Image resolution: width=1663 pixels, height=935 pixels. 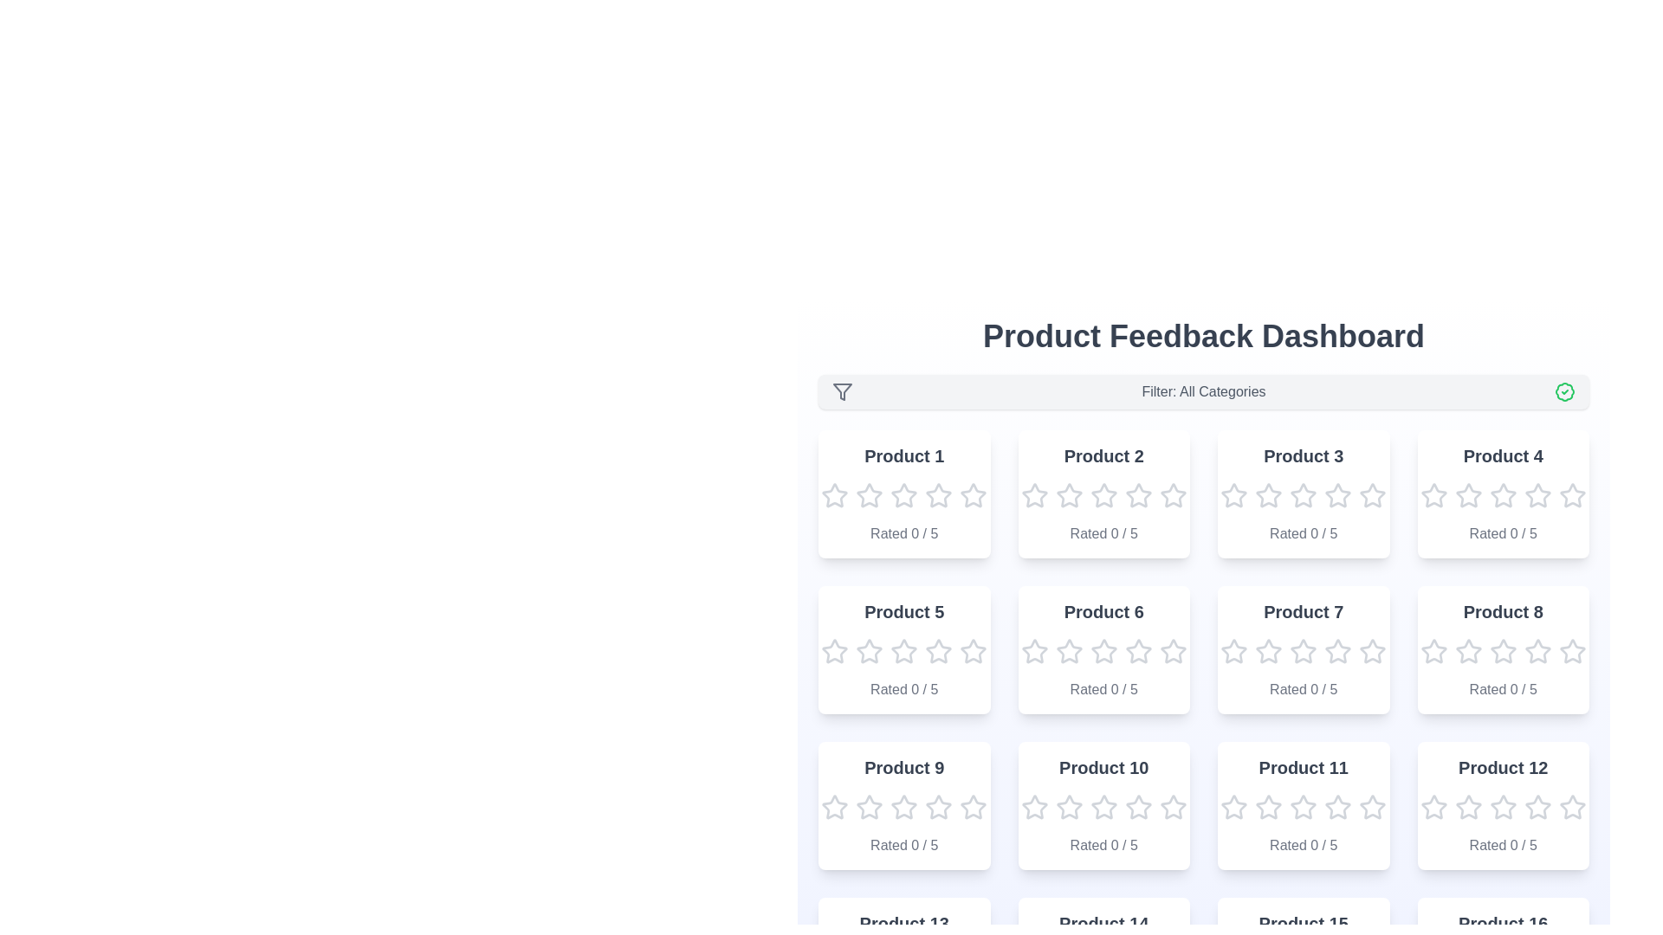 What do you see at coordinates (903, 496) in the screenshot?
I see `the rating for a product card to 3 stars` at bounding box center [903, 496].